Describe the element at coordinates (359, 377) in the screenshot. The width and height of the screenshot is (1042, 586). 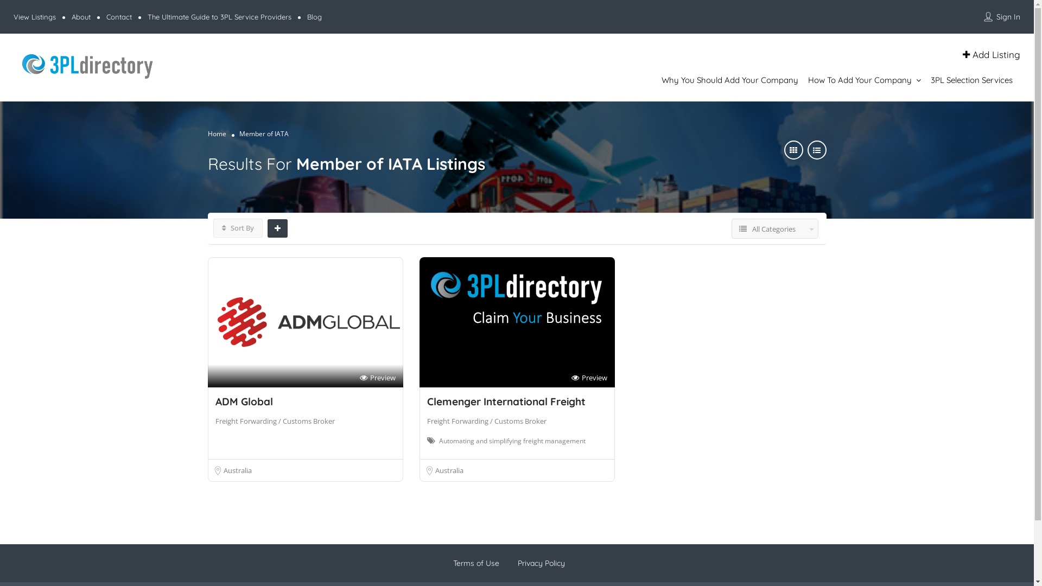
I see `'Preview'` at that location.